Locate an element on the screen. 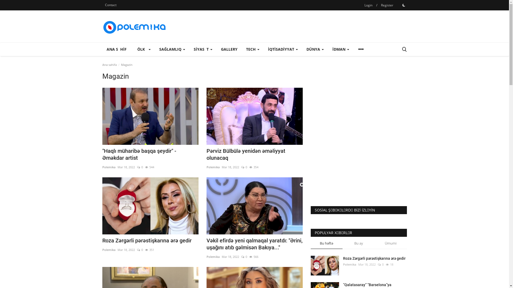  '1' is located at coordinates (404, 5).